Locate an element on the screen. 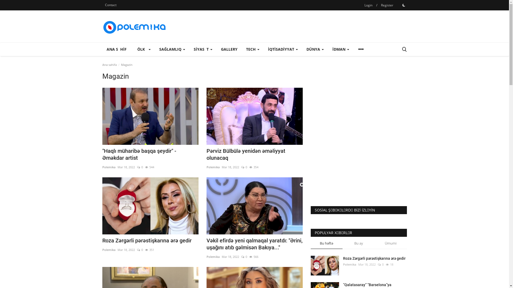  '1' is located at coordinates (404, 5).